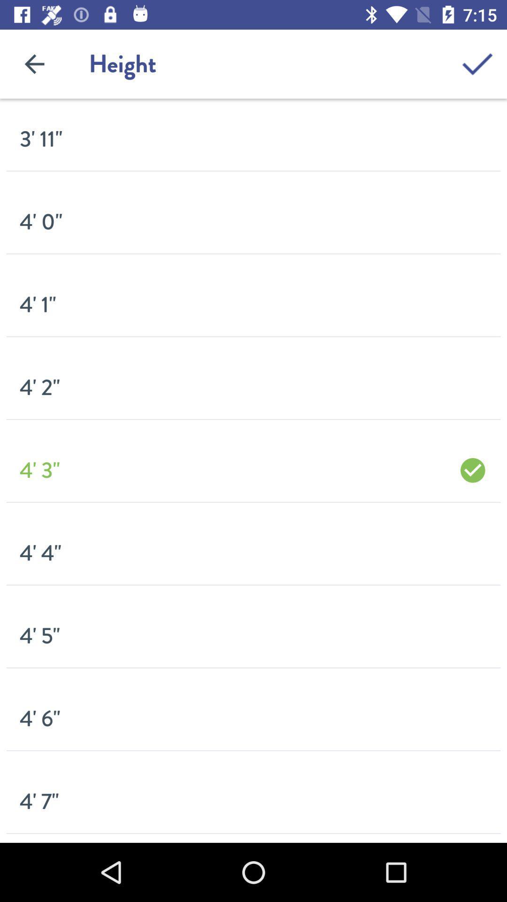 This screenshot has width=507, height=902. Describe the element at coordinates (477, 63) in the screenshot. I see `item next to height` at that location.